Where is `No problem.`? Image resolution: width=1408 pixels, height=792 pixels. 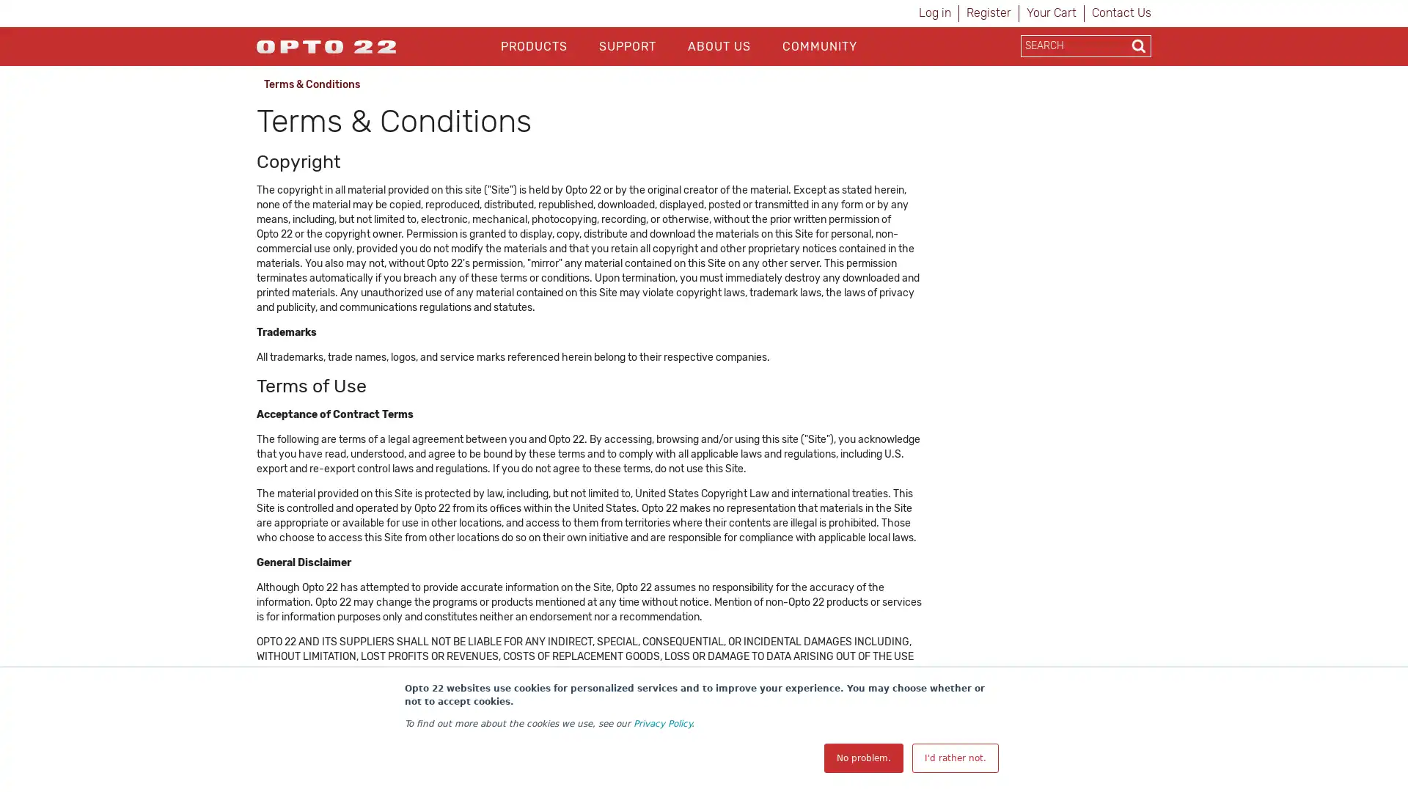
No problem. is located at coordinates (863, 758).